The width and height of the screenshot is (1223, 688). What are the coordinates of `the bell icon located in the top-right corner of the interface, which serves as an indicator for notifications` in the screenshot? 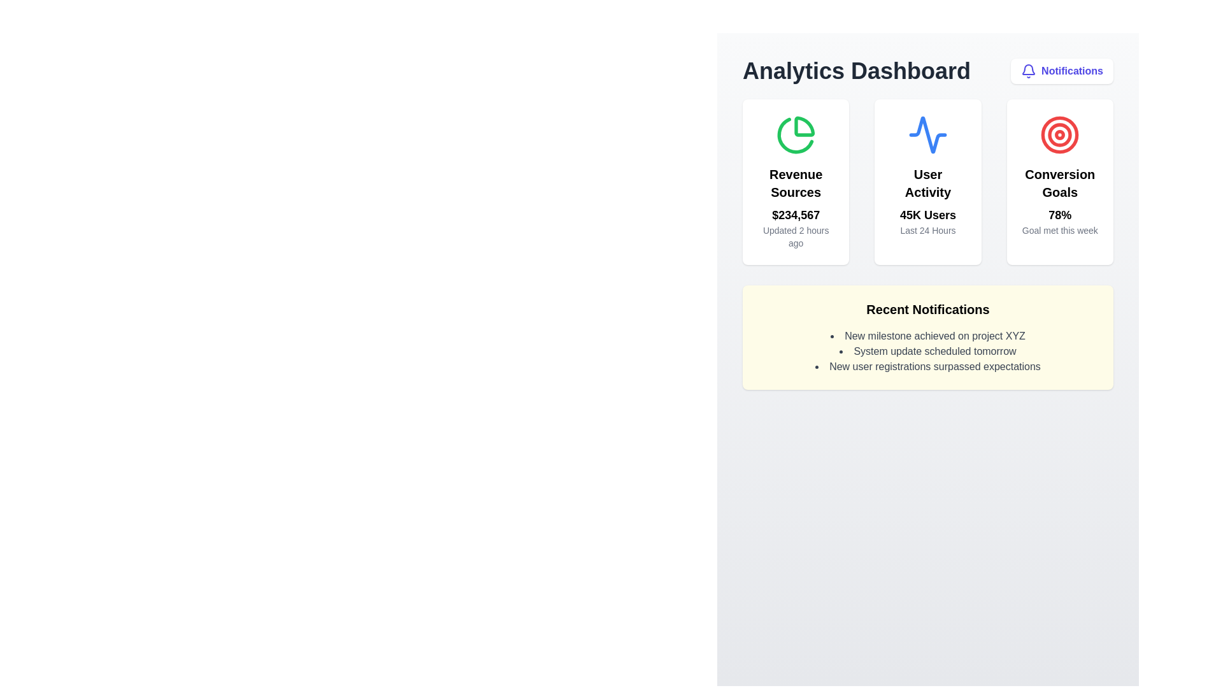 It's located at (1029, 71).